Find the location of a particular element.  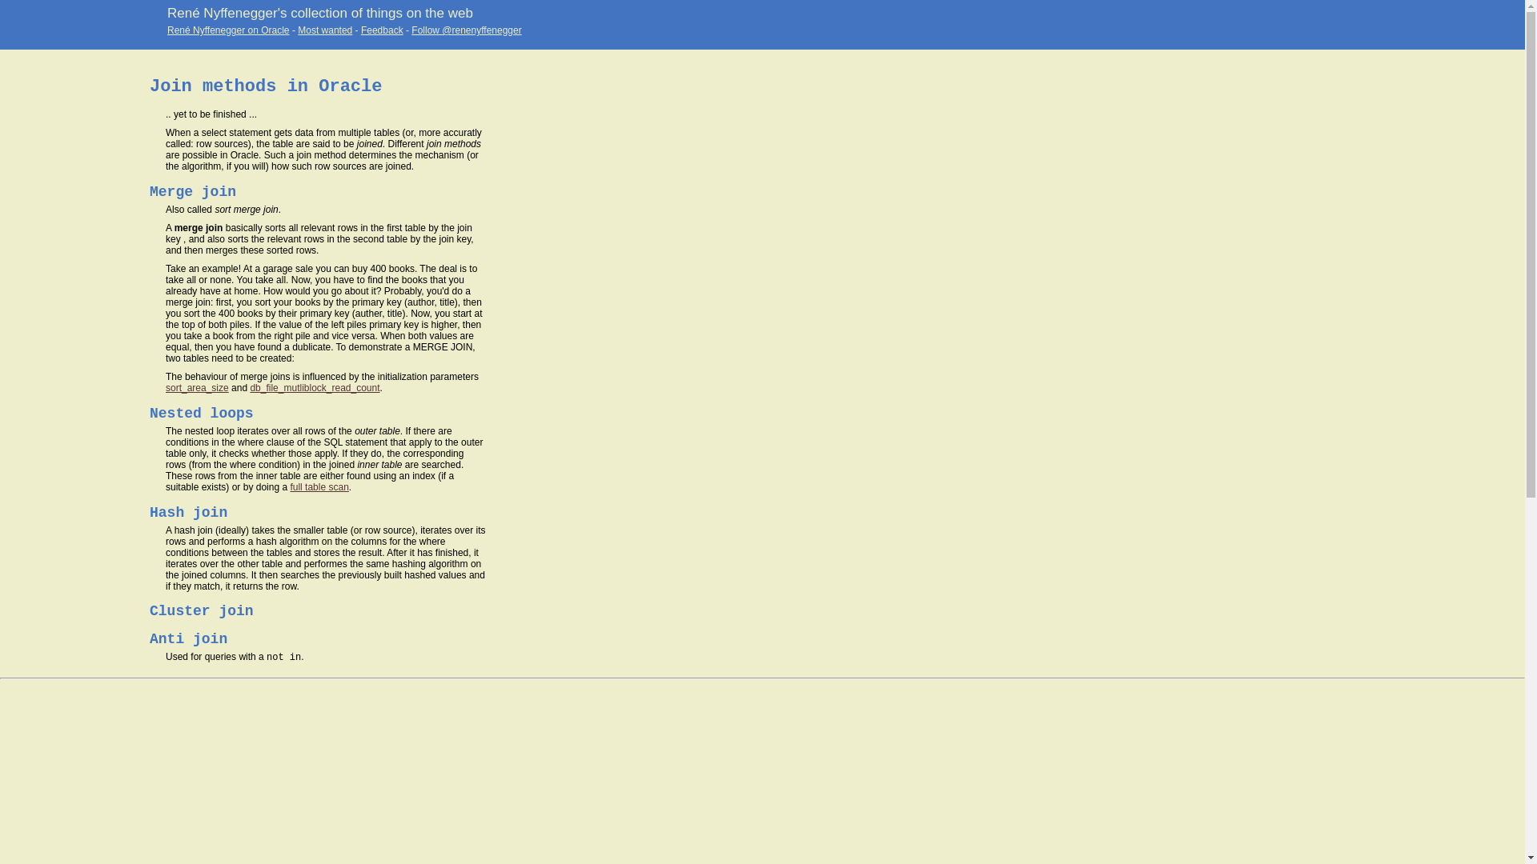

'Most wanted' is located at coordinates (298, 30).